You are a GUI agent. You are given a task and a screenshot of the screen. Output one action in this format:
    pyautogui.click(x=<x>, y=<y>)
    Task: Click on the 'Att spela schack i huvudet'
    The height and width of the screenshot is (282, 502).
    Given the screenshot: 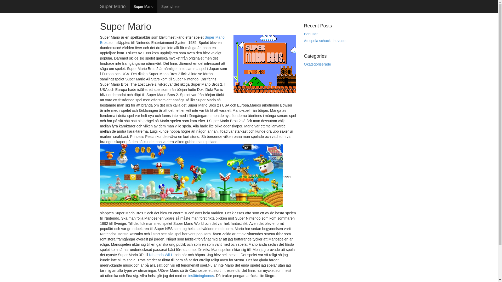 What is the action you would take?
    pyautogui.click(x=325, y=40)
    